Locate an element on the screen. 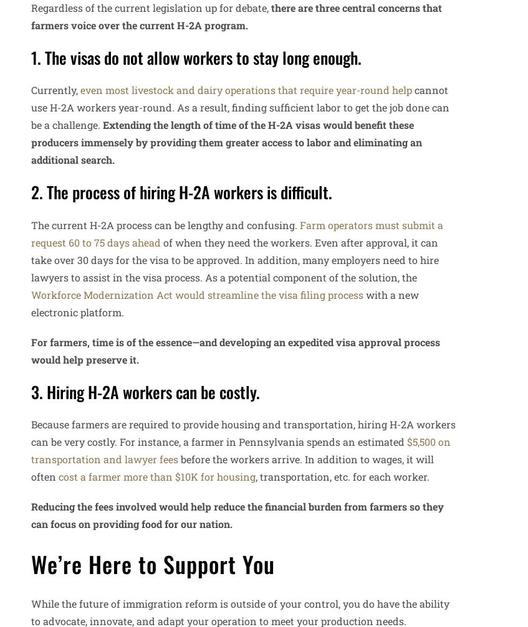 This screenshot has height=627, width=528. 'Farm operators must submit a request 60 to 75 days ahead' is located at coordinates (236, 233).